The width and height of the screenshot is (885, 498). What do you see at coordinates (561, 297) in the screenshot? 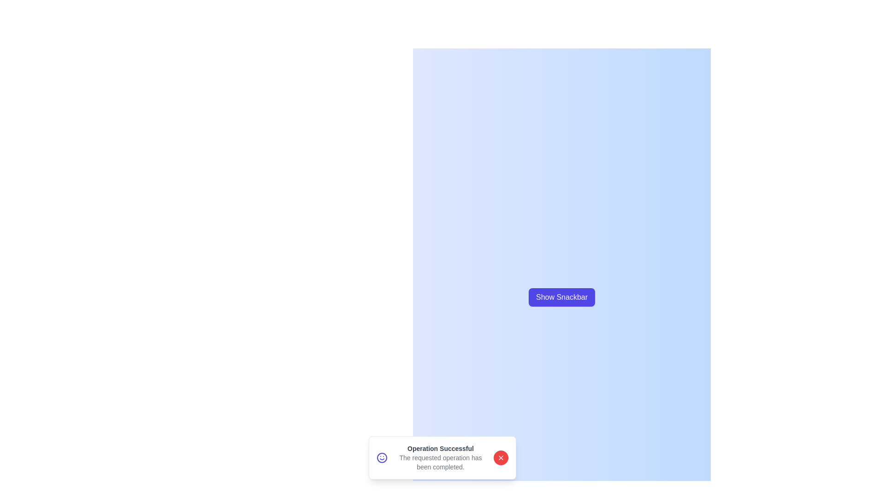
I see `the 'Show Snackbar' button to display the snackbar notification` at bounding box center [561, 297].